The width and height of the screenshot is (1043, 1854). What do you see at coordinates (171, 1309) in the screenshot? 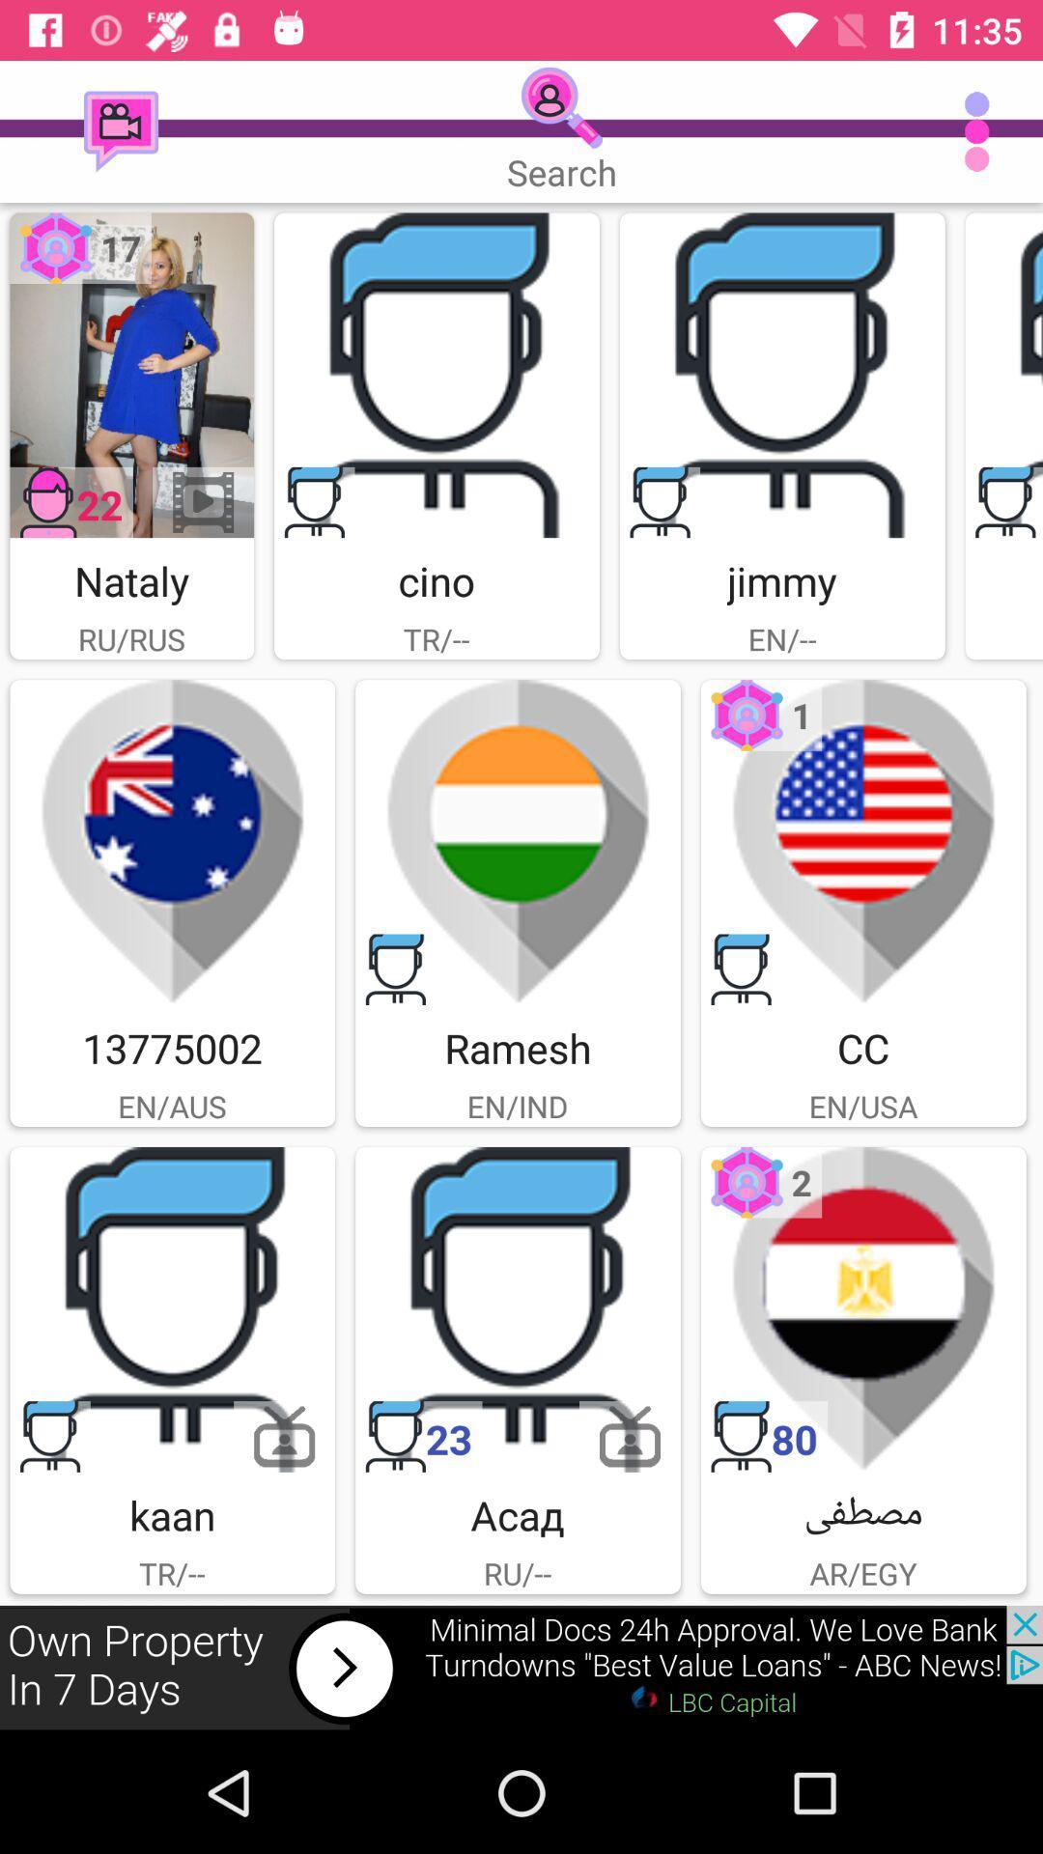
I see `profile` at bounding box center [171, 1309].